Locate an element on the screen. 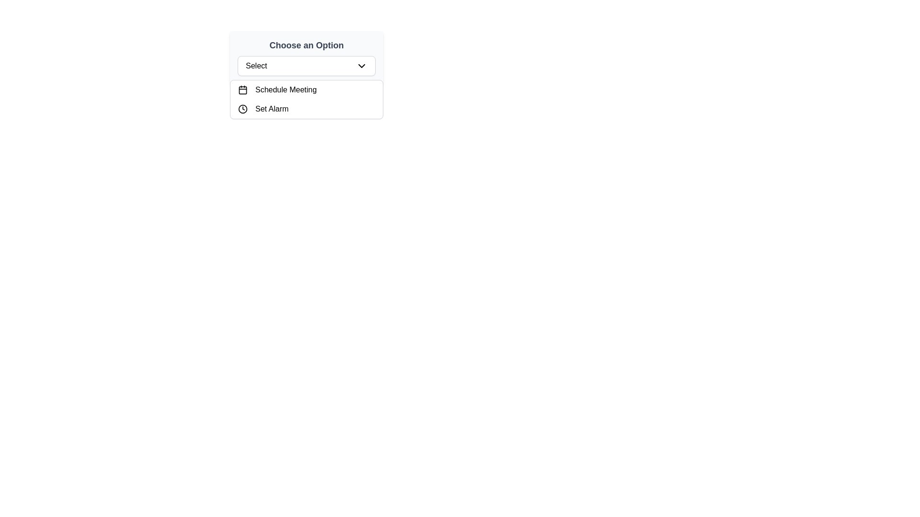 This screenshot has height=517, width=920. the circular outline of the clock icon in the dropdown menu under the 'Set Alarm' option is located at coordinates (243, 108).